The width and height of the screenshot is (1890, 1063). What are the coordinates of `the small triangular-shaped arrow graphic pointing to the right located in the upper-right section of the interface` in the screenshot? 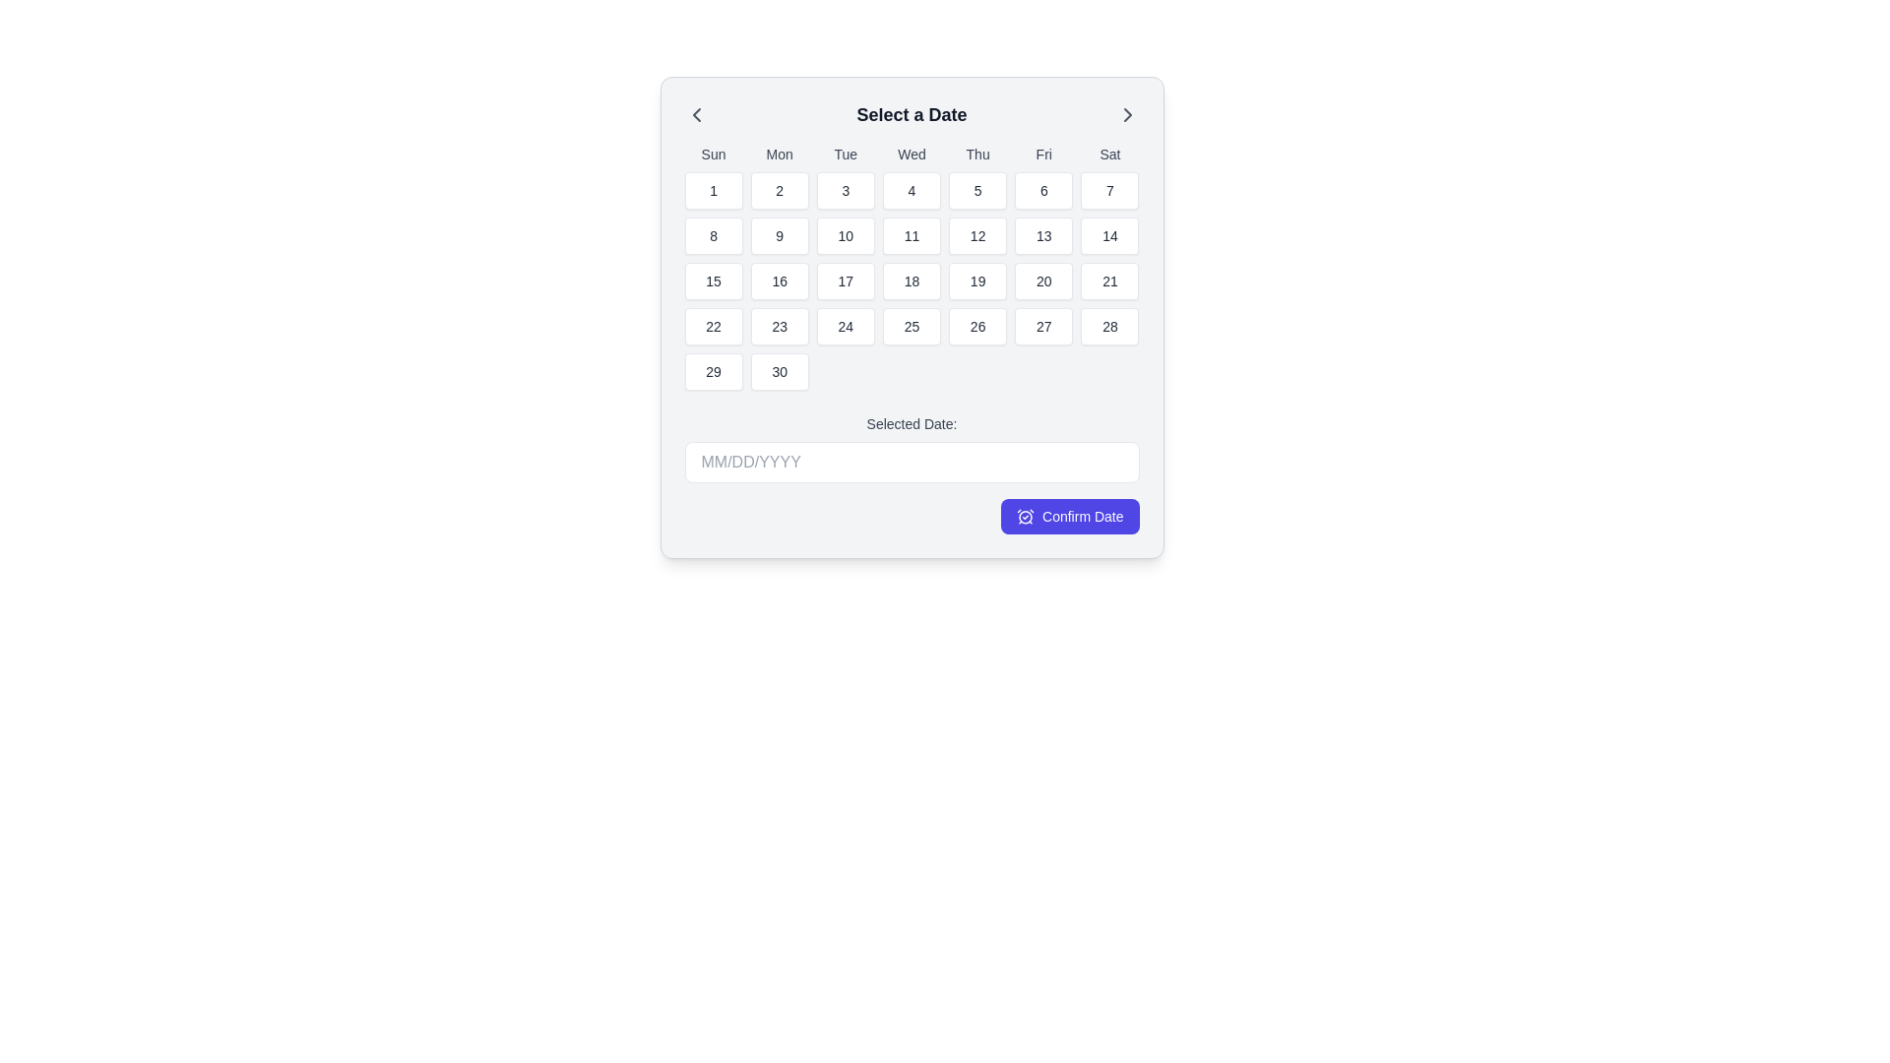 It's located at (1127, 114).